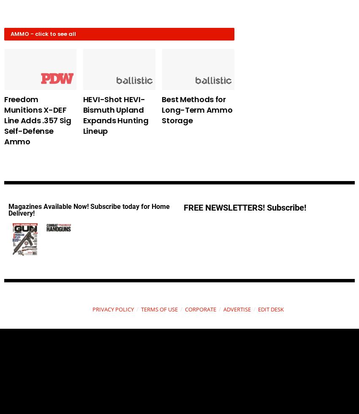 This screenshot has height=414, width=359. Describe the element at coordinates (268, 109) in the screenshot. I see `'.410 Ammo for Home Defense [2023]'` at that location.